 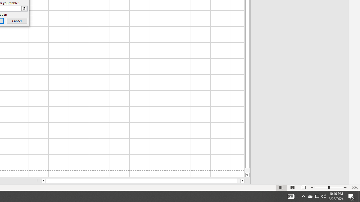 I want to click on 'Zoom Out', so click(x=321, y=188).